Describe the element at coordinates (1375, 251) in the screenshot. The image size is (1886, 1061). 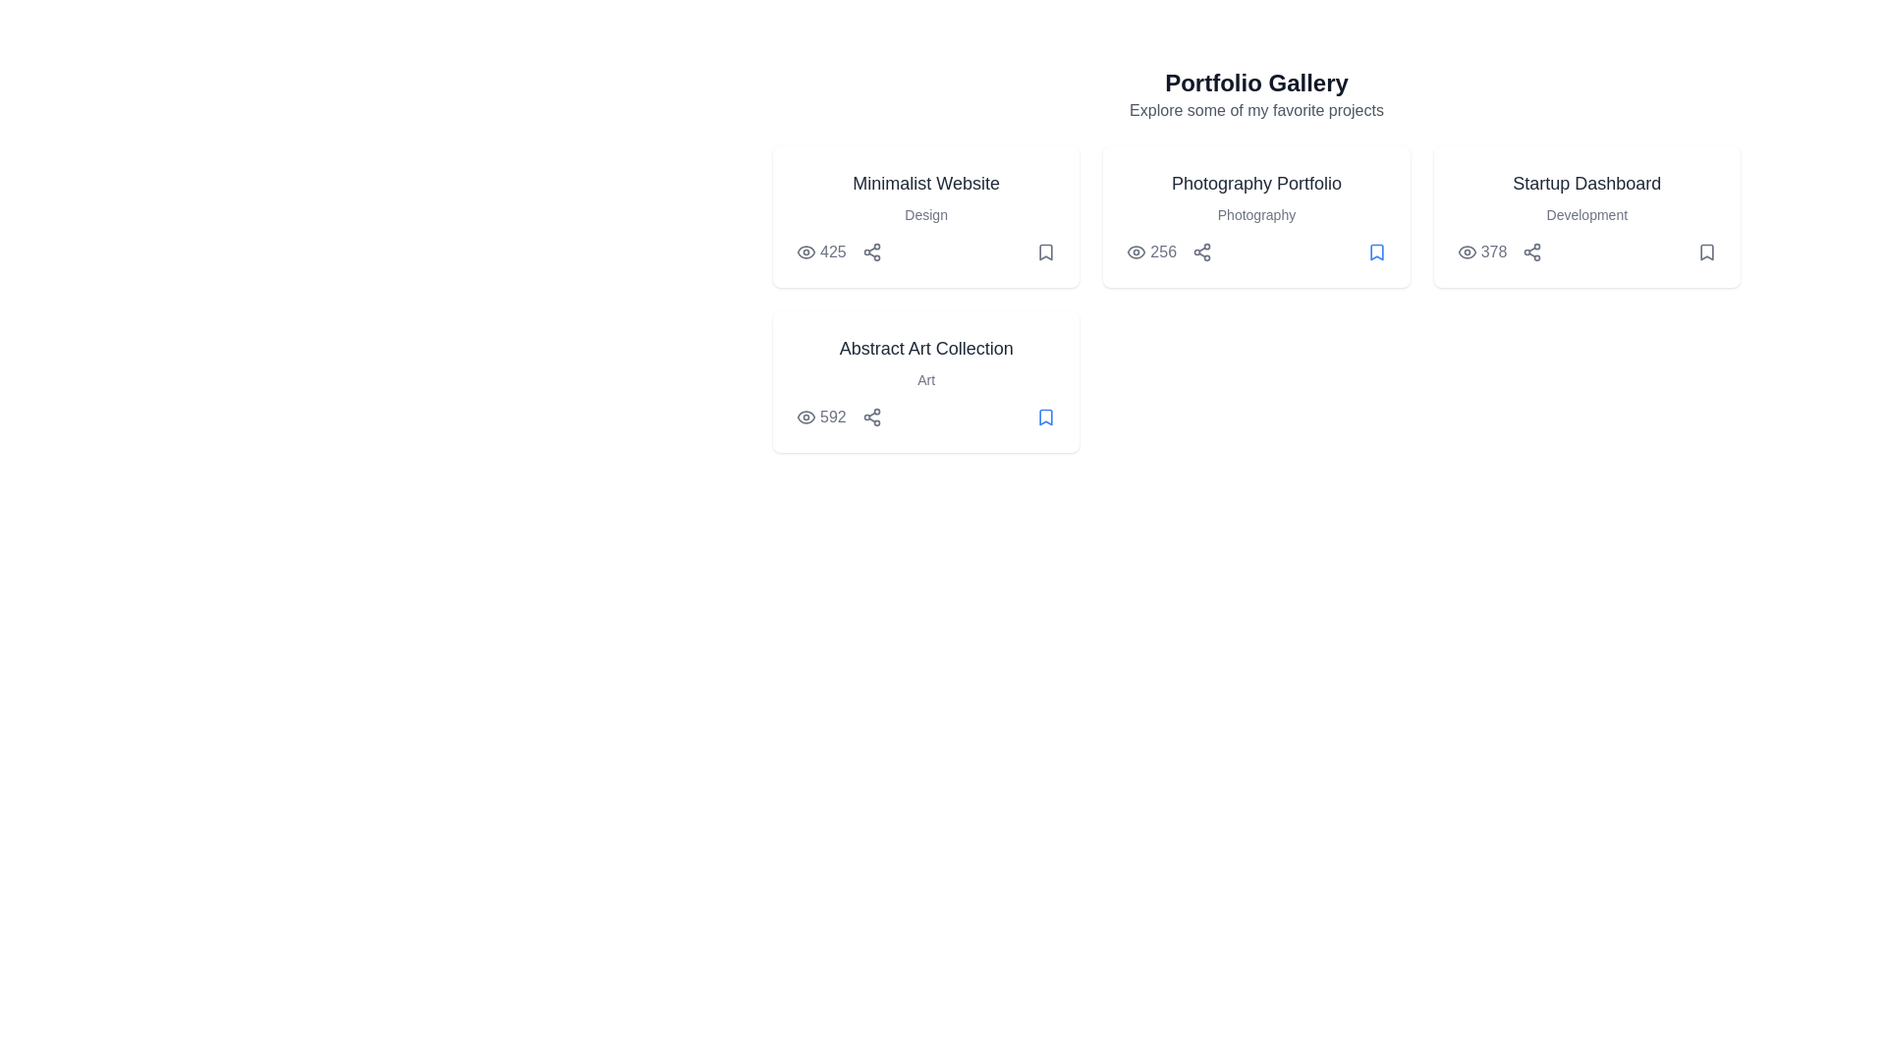
I see `the blue bookmark icon located at the top right corner of the 'Photography Portfolio' card` at that location.